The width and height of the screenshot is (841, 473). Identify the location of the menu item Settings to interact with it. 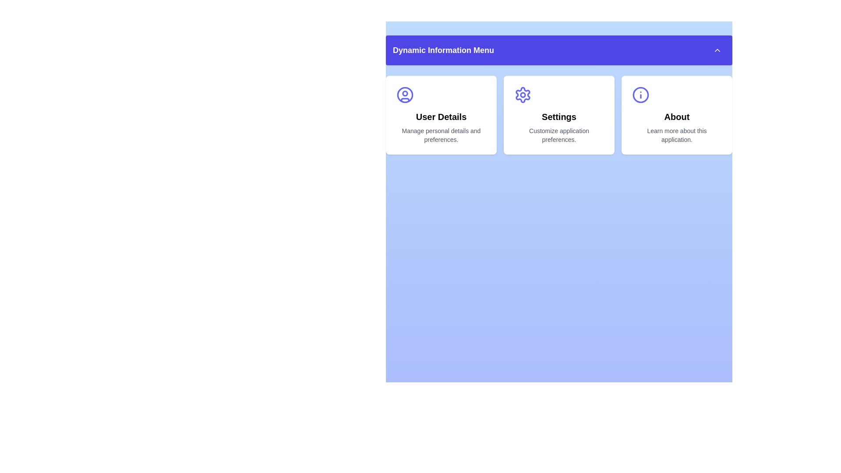
(558, 114).